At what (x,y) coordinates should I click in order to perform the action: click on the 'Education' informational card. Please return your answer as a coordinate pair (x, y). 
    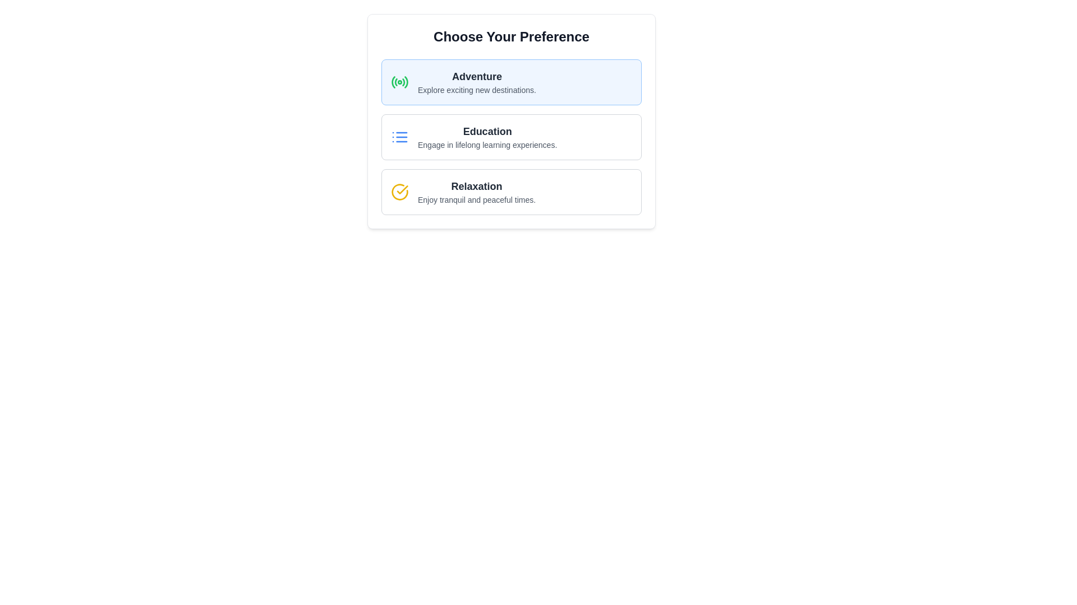
    Looking at the image, I should click on (487, 137).